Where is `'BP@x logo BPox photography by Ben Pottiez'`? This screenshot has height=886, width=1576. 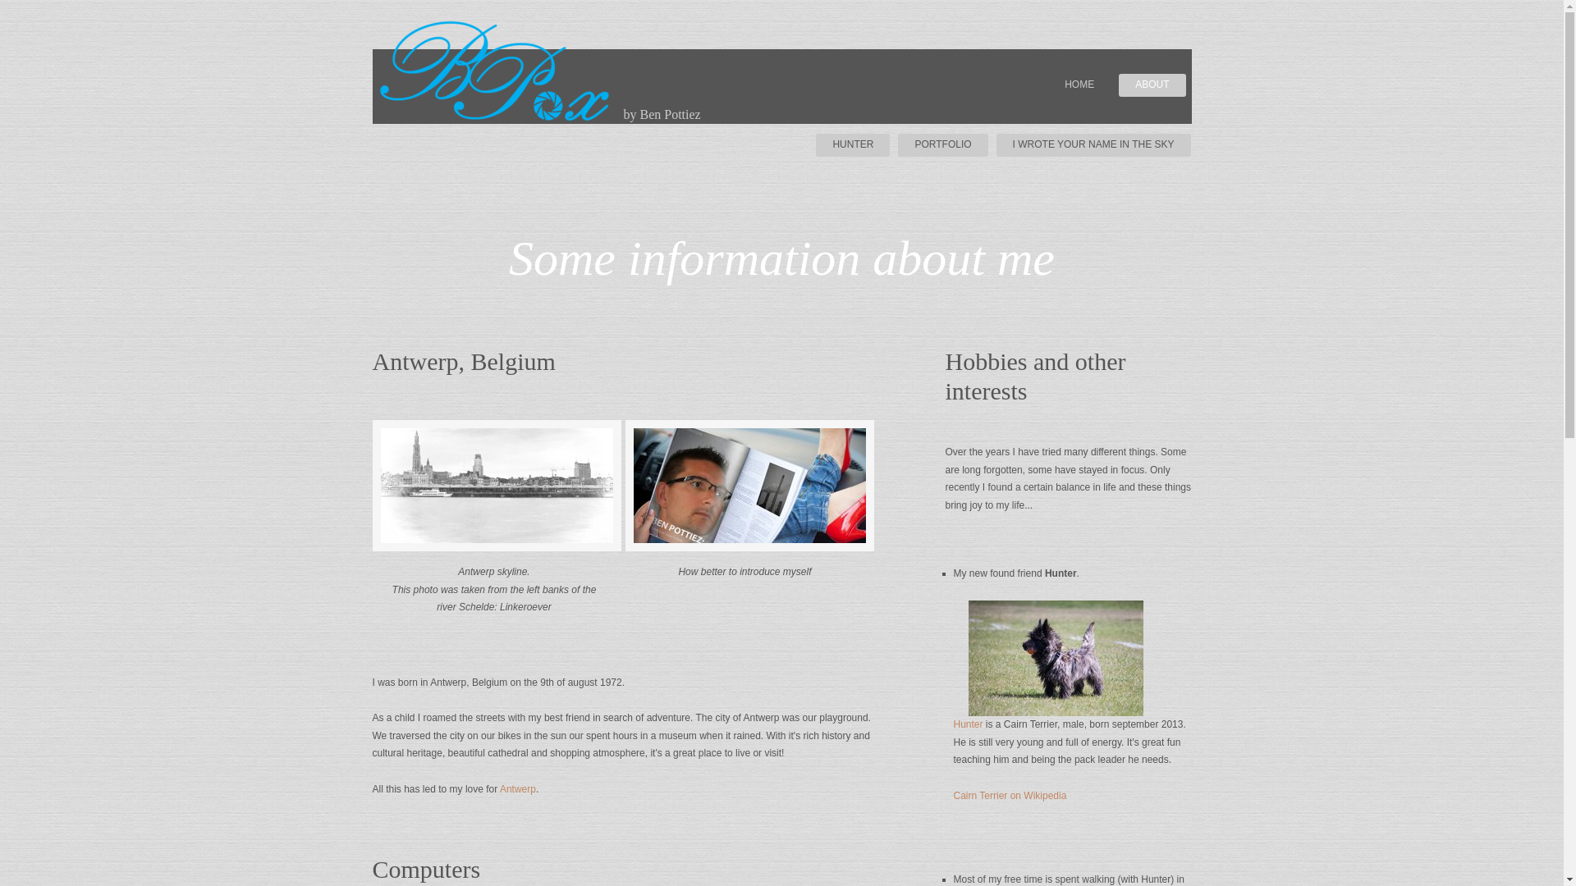
'BP@x logo BPox photography by Ben Pottiez' is located at coordinates (495, 70).